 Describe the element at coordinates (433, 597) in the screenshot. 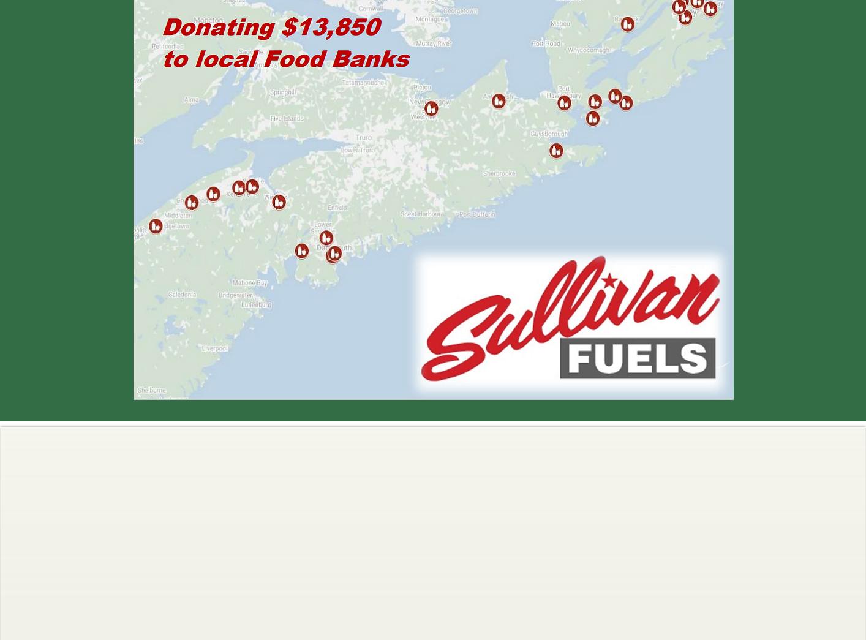

I see `'All rights reserved.'` at that location.